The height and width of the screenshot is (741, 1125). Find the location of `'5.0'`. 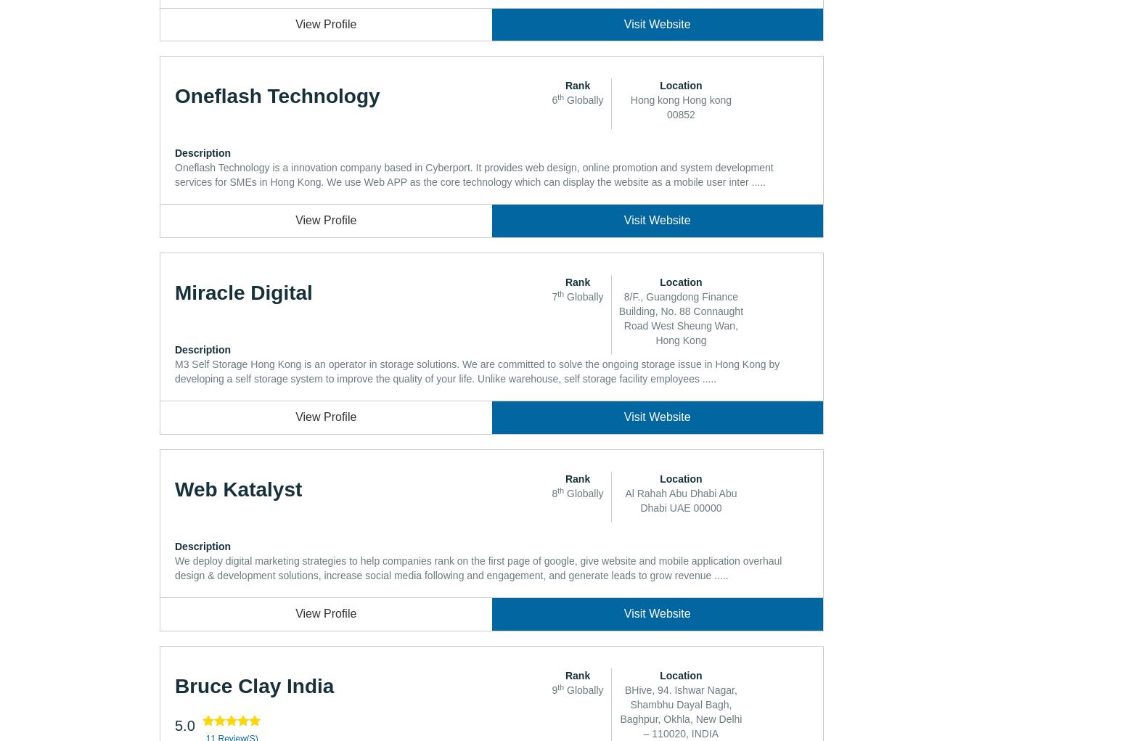

'5.0' is located at coordinates (184, 725).